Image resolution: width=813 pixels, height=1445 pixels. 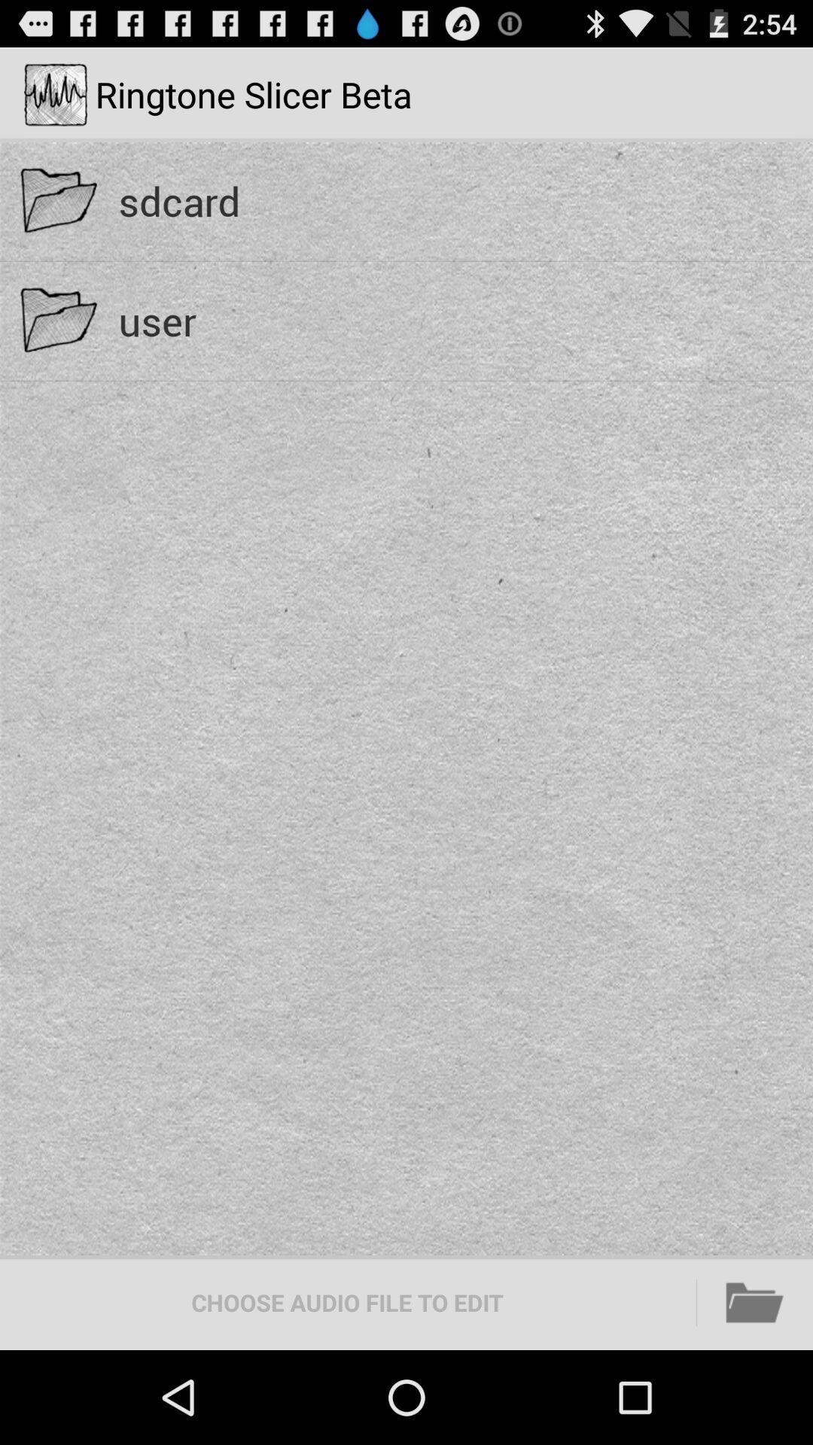 What do you see at coordinates (755, 1302) in the screenshot?
I see `icon to the right of the choose audio file icon` at bounding box center [755, 1302].